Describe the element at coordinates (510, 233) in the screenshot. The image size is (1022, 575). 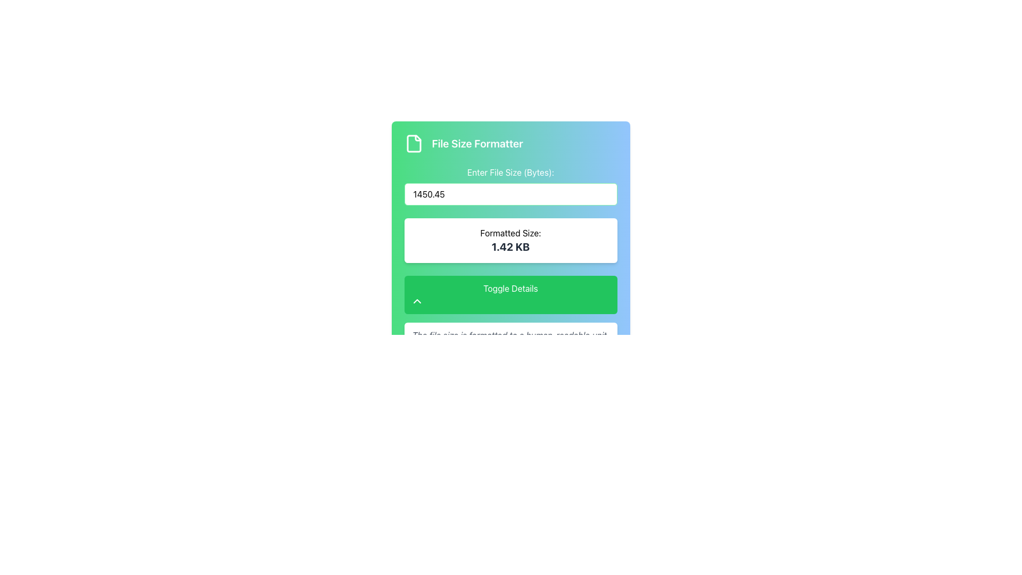
I see `the text label displaying 'Formatted Size:' which is positioned above the bold numerical value '1.42 KB'` at that location.